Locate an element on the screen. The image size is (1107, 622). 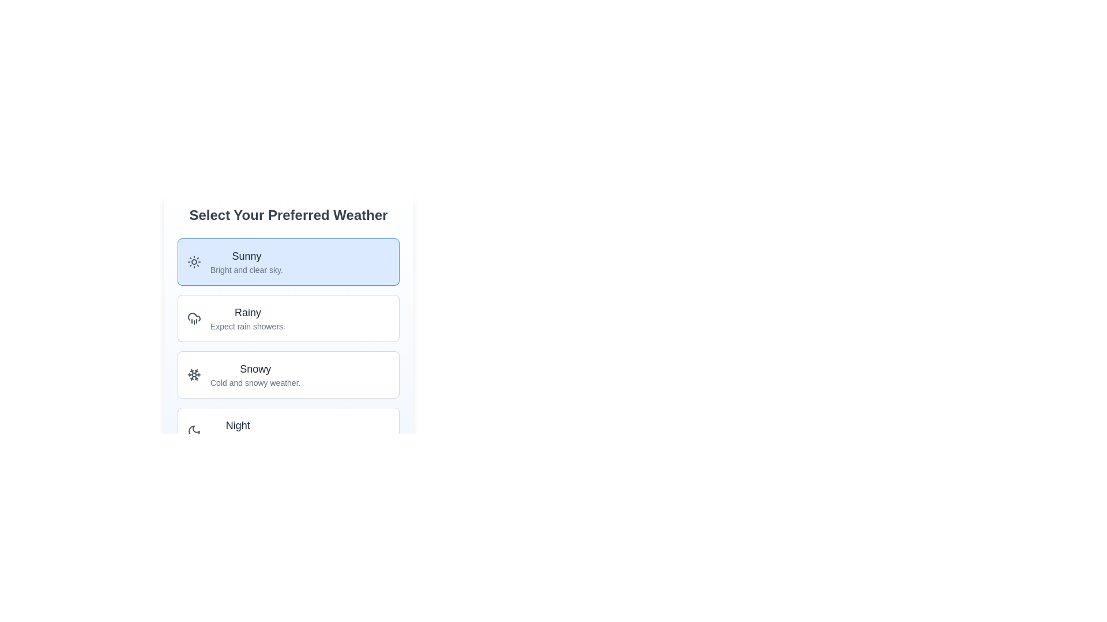
the 'Rainy' option in the selectable weather list is located at coordinates (288, 346).